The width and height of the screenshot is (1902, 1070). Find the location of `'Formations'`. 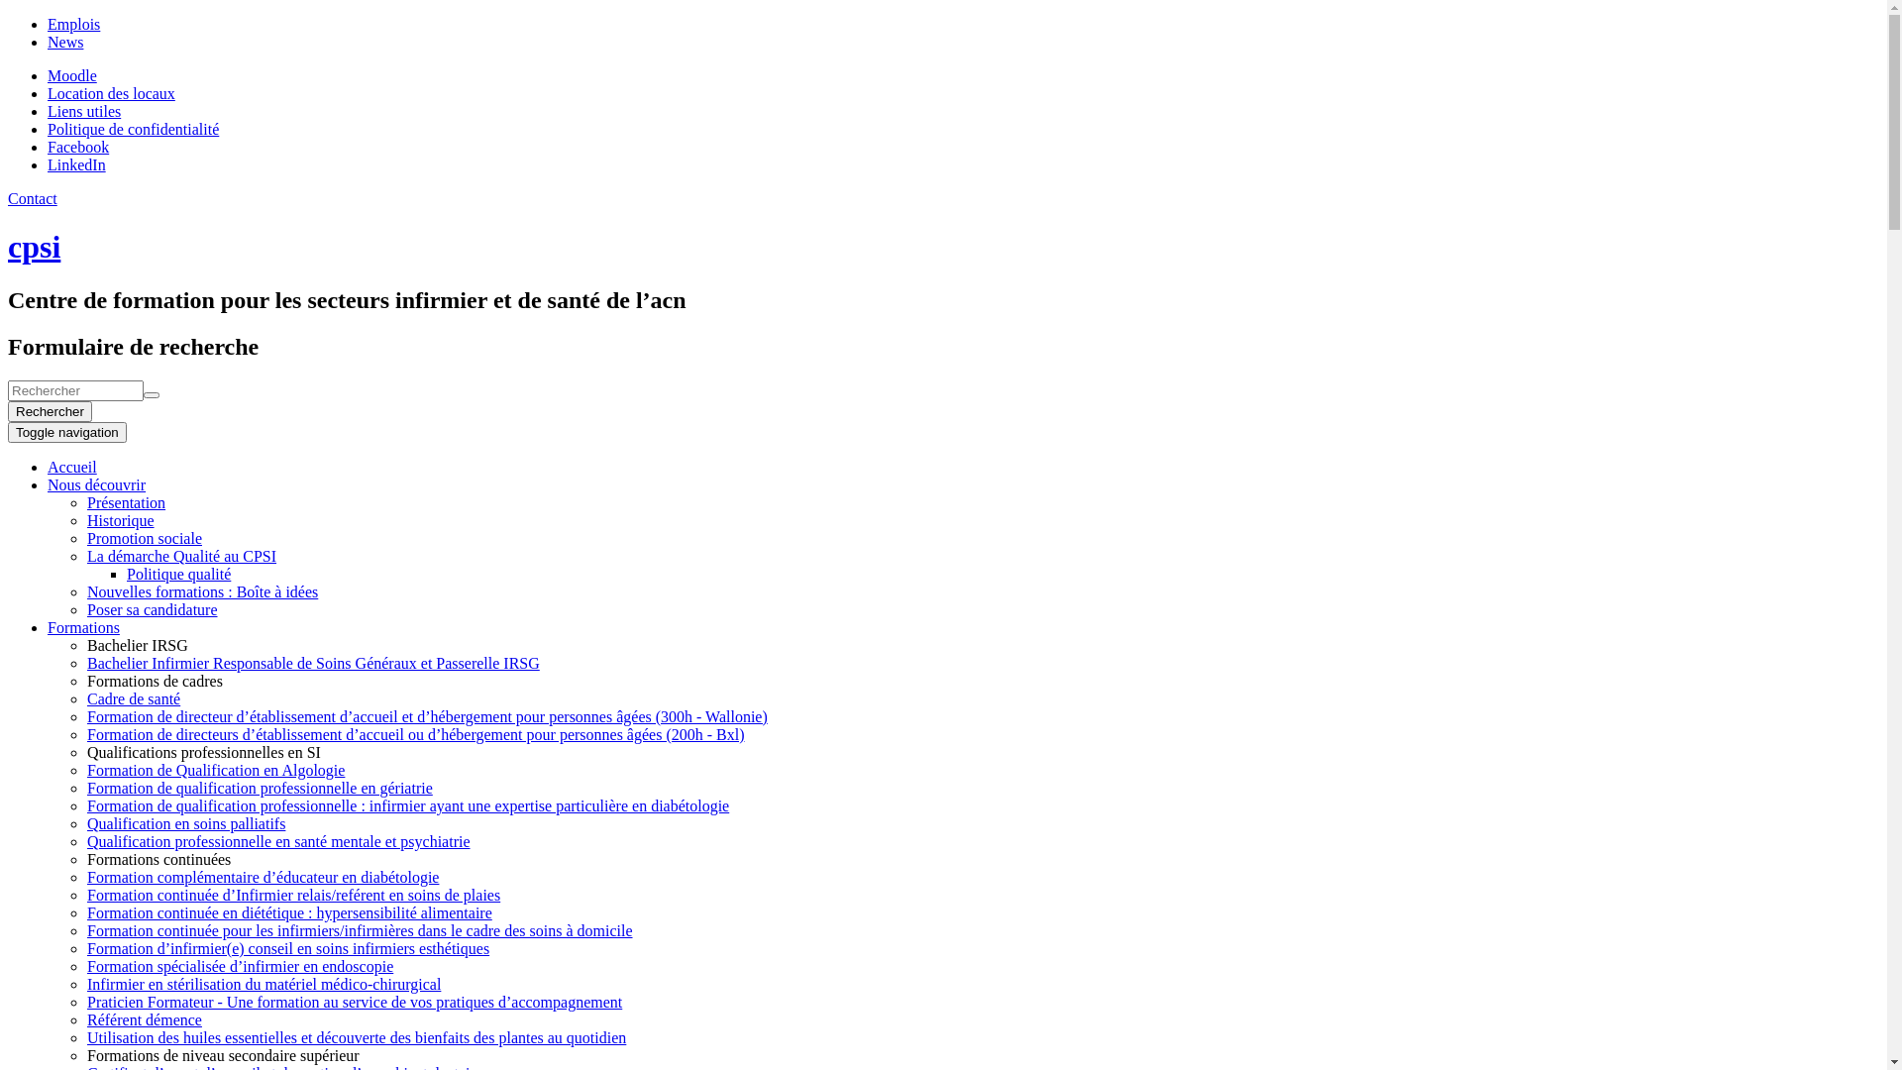

'Formations' is located at coordinates (82, 627).